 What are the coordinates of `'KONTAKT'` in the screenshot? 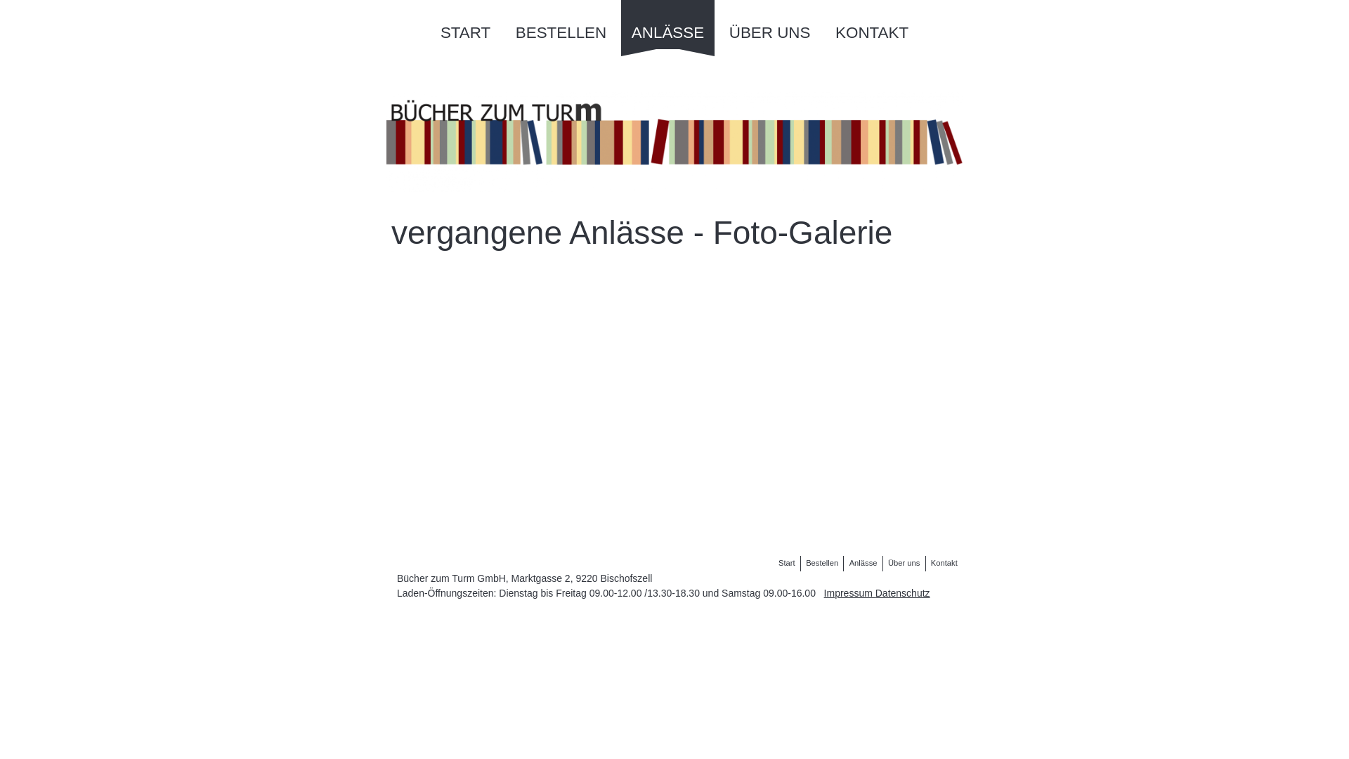 It's located at (871, 24).